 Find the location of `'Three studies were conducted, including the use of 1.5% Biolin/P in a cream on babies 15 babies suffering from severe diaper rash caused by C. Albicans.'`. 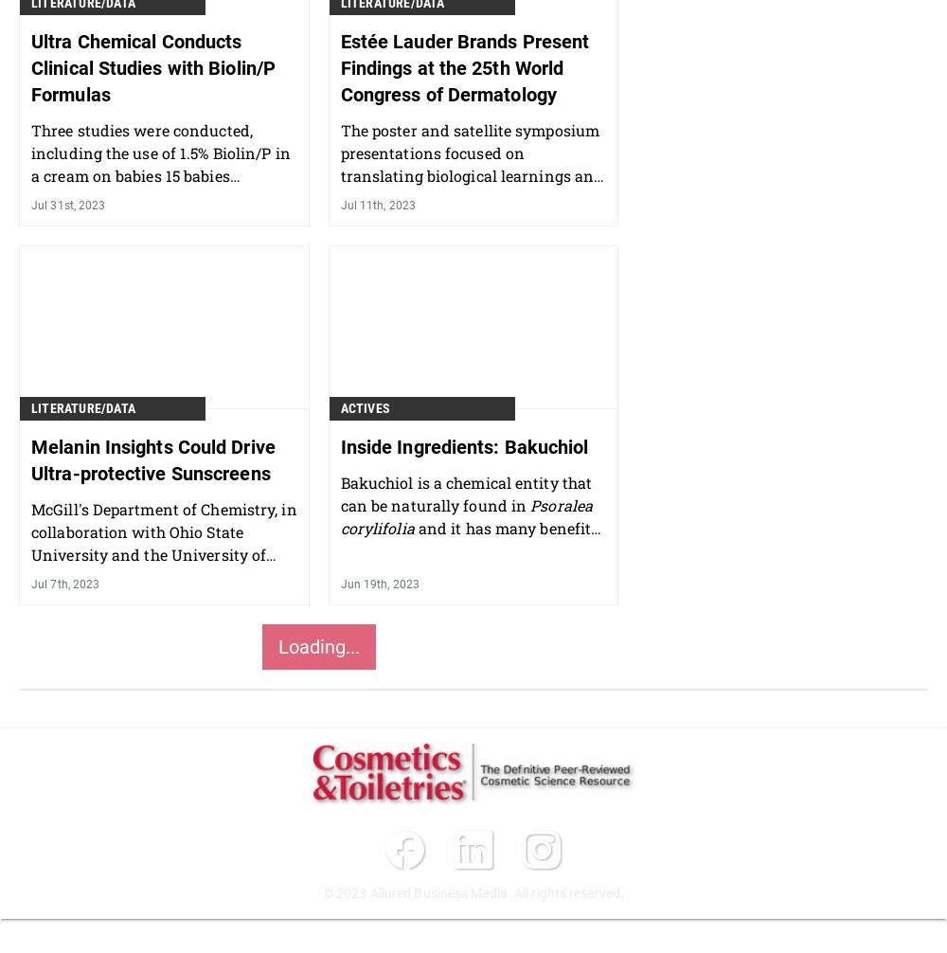

'Three studies were conducted, including the use of 1.5% Biolin/P in a cream on babies 15 babies suffering from severe diaper rash caused by C. Albicans.' is located at coordinates (160, 175).